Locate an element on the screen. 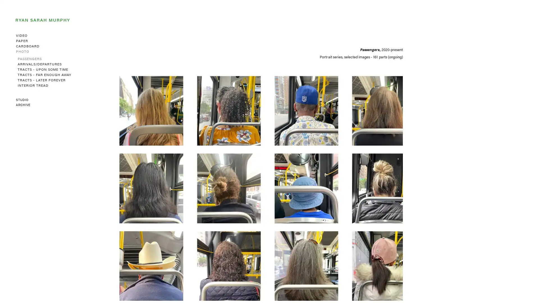 The width and height of the screenshot is (539, 303). View fullsize Passenger 158-.jpeg is located at coordinates (367, 103).